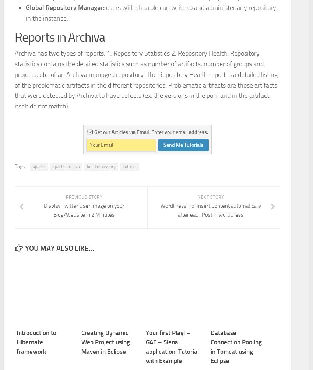  What do you see at coordinates (65, 100) in the screenshot?
I see `'Global Repository Observer:'` at bounding box center [65, 100].